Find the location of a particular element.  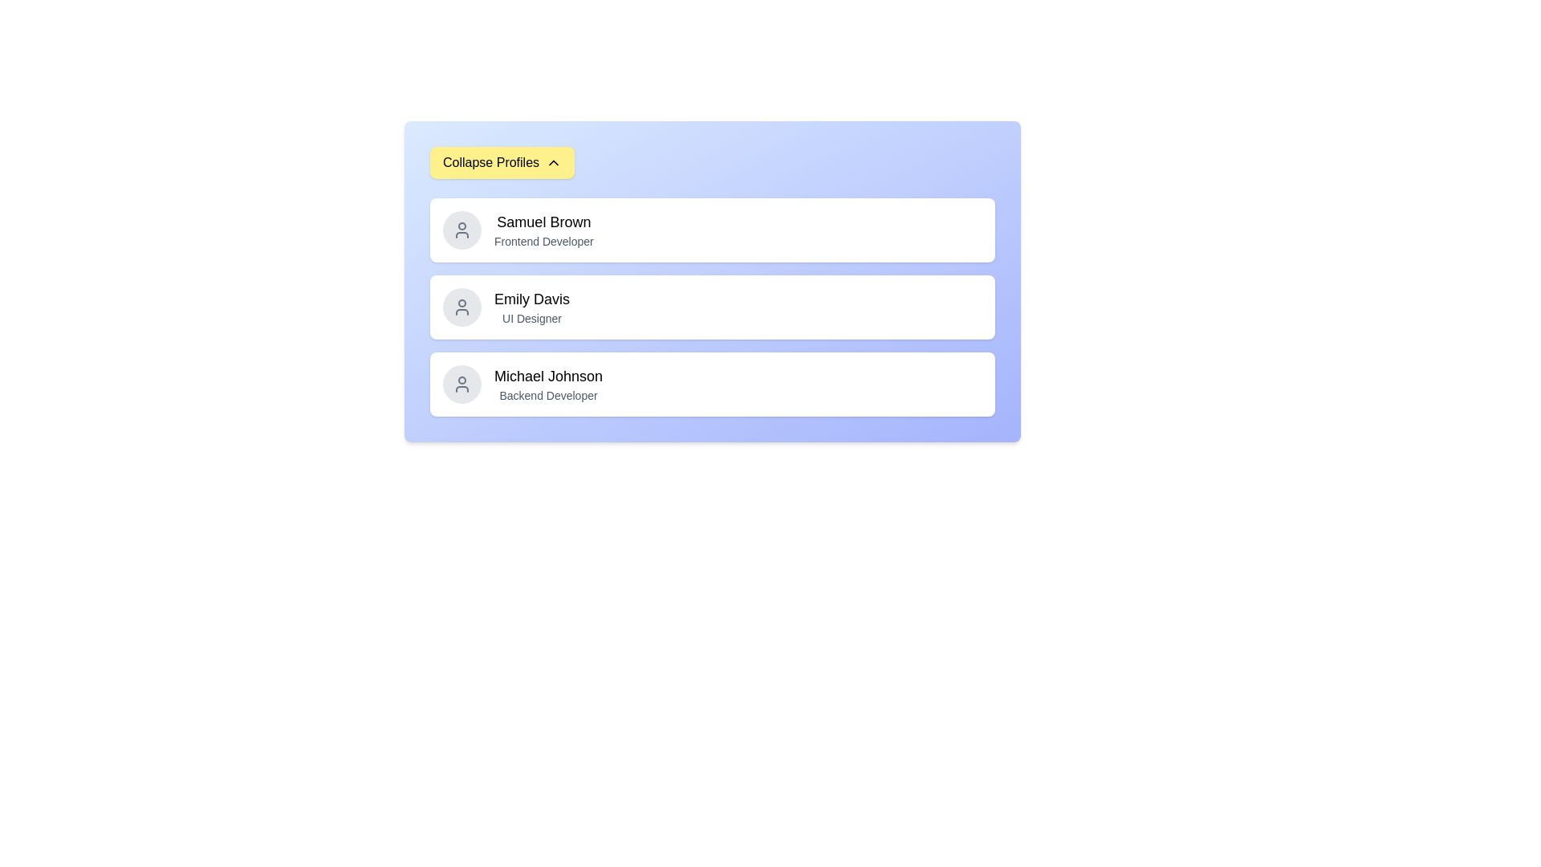

the Profile card for 'Emily Davis', which features centered text and is the second item in a vertically stacked list is located at coordinates (712, 307).